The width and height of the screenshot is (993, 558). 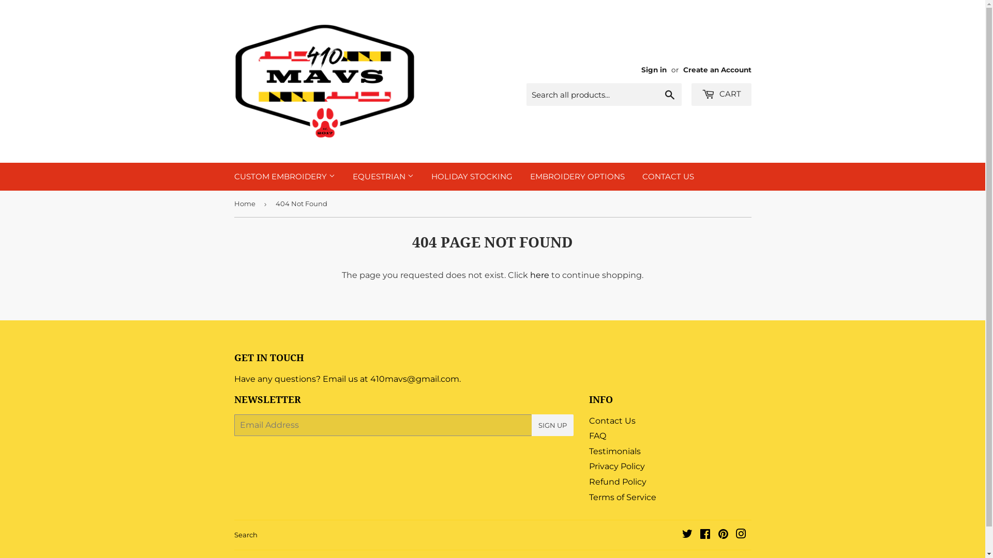 What do you see at coordinates (617, 466) in the screenshot?
I see `'Privacy Policy'` at bounding box center [617, 466].